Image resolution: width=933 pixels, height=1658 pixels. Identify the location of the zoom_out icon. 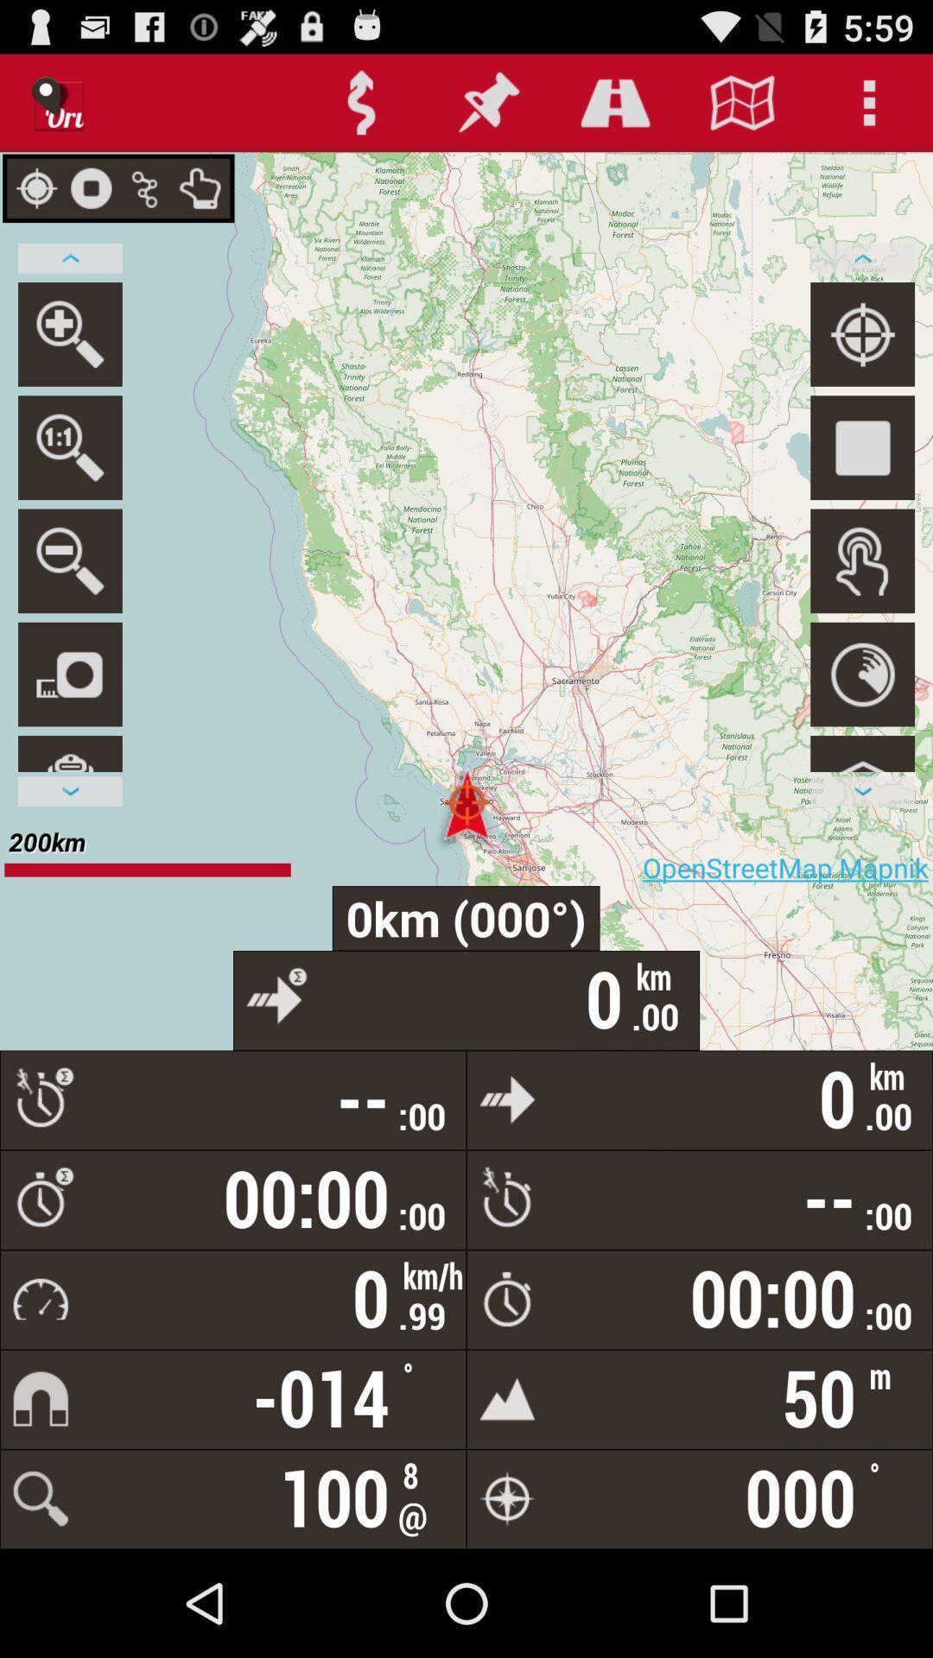
(69, 600).